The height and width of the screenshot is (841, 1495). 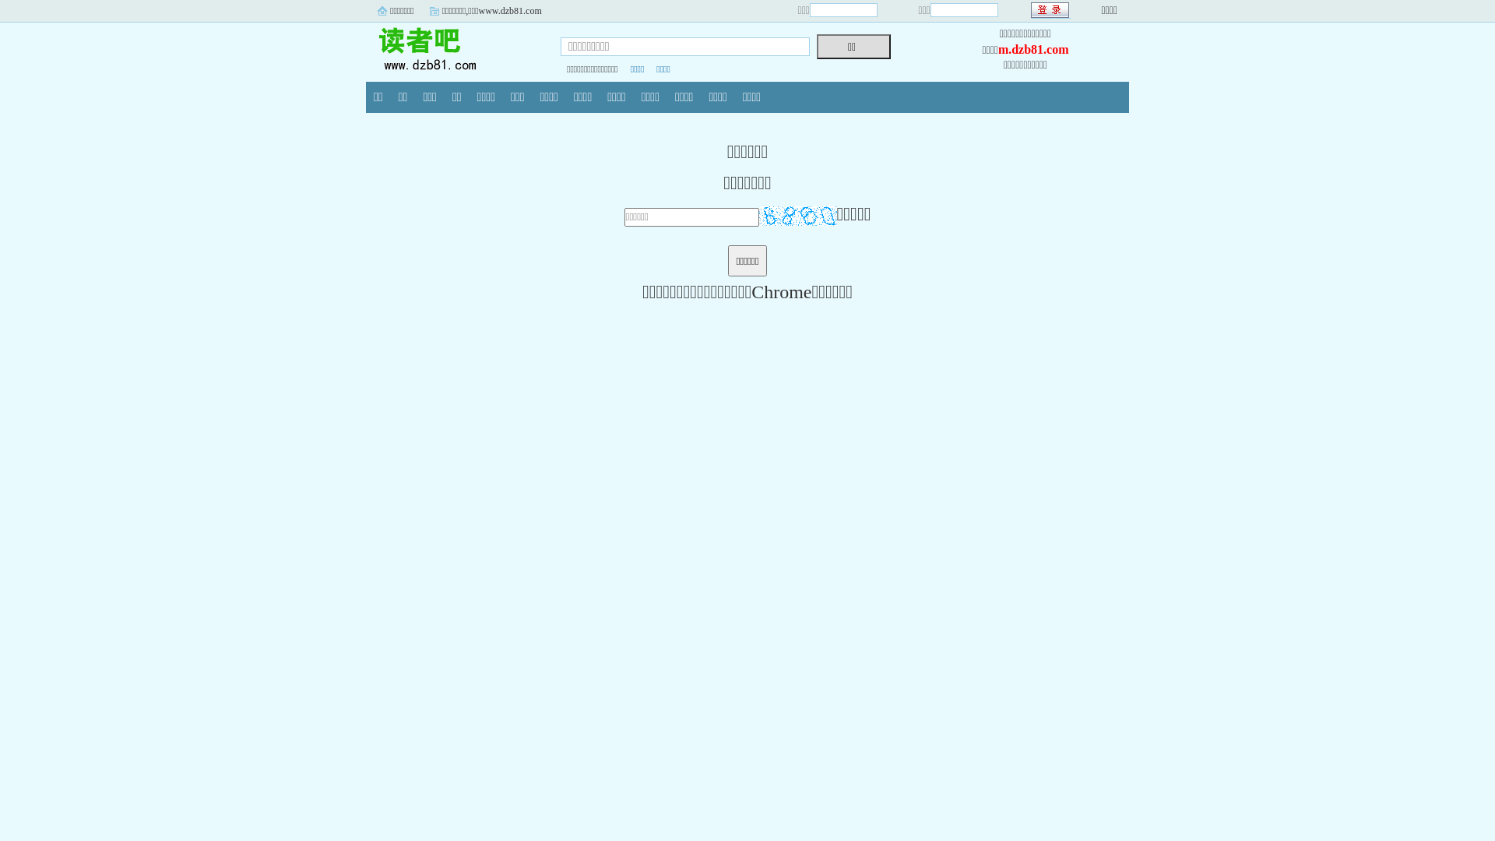 What do you see at coordinates (1050, 10) in the screenshot?
I see `' '` at bounding box center [1050, 10].